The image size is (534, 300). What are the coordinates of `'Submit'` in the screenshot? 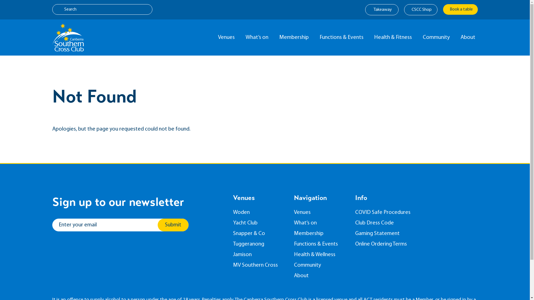 It's located at (172, 225).